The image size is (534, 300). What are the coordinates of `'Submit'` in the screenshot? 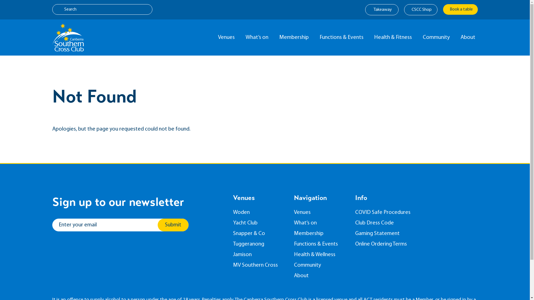 It's located at (172, 225).